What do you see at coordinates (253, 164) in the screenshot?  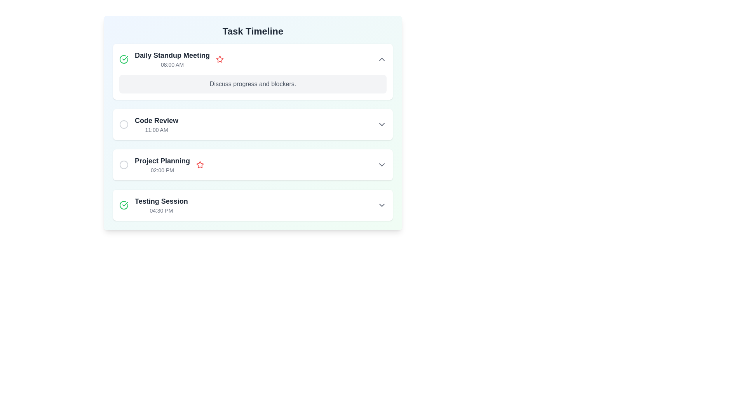 I see `task details of the 'Project Planning' task card, which is the third task in the vertical timeline list, featuring a white background and icons on either side` at bounding box center [253, 164].